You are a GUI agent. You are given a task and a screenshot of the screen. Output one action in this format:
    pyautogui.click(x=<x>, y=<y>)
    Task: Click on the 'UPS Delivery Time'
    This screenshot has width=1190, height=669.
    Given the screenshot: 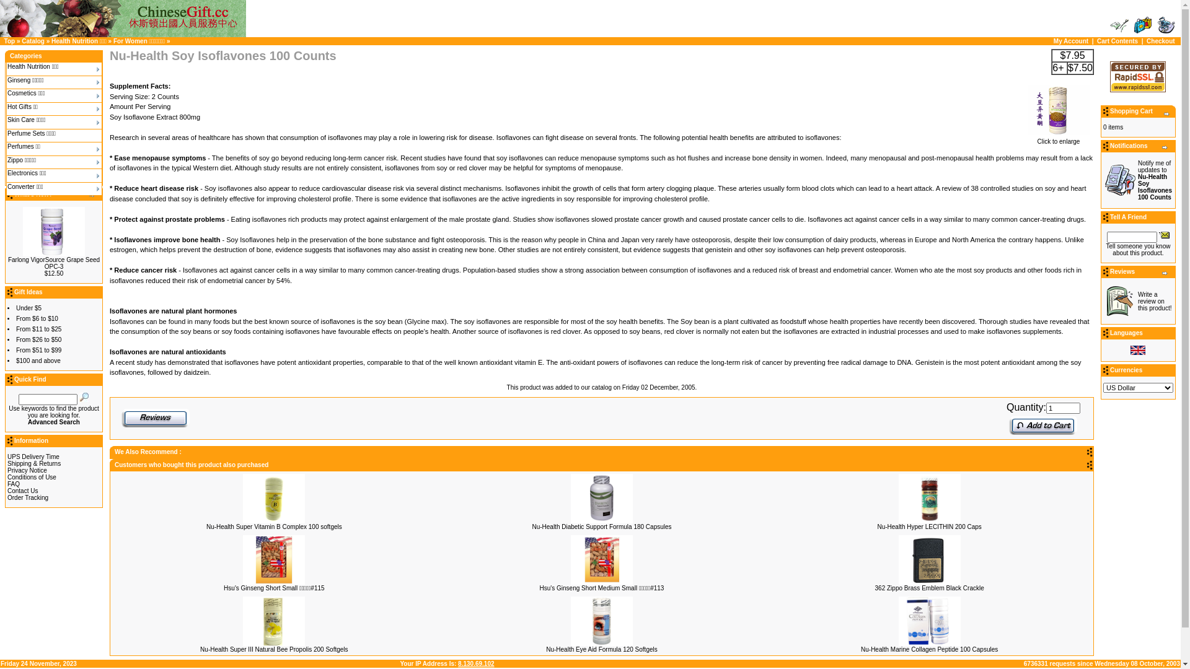 What is the action you would take?
    pyautogui.click(x=33, y=457)
    